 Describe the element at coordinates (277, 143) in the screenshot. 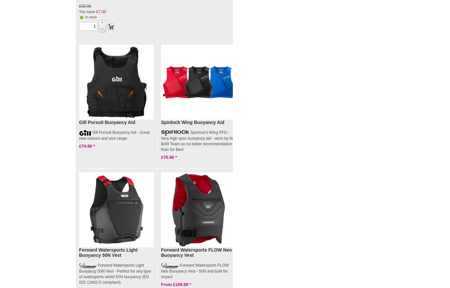

I see `'Spinlock Foil Front Zip Buoyancy Aid - Low profile for great access around the boat'` at that location.